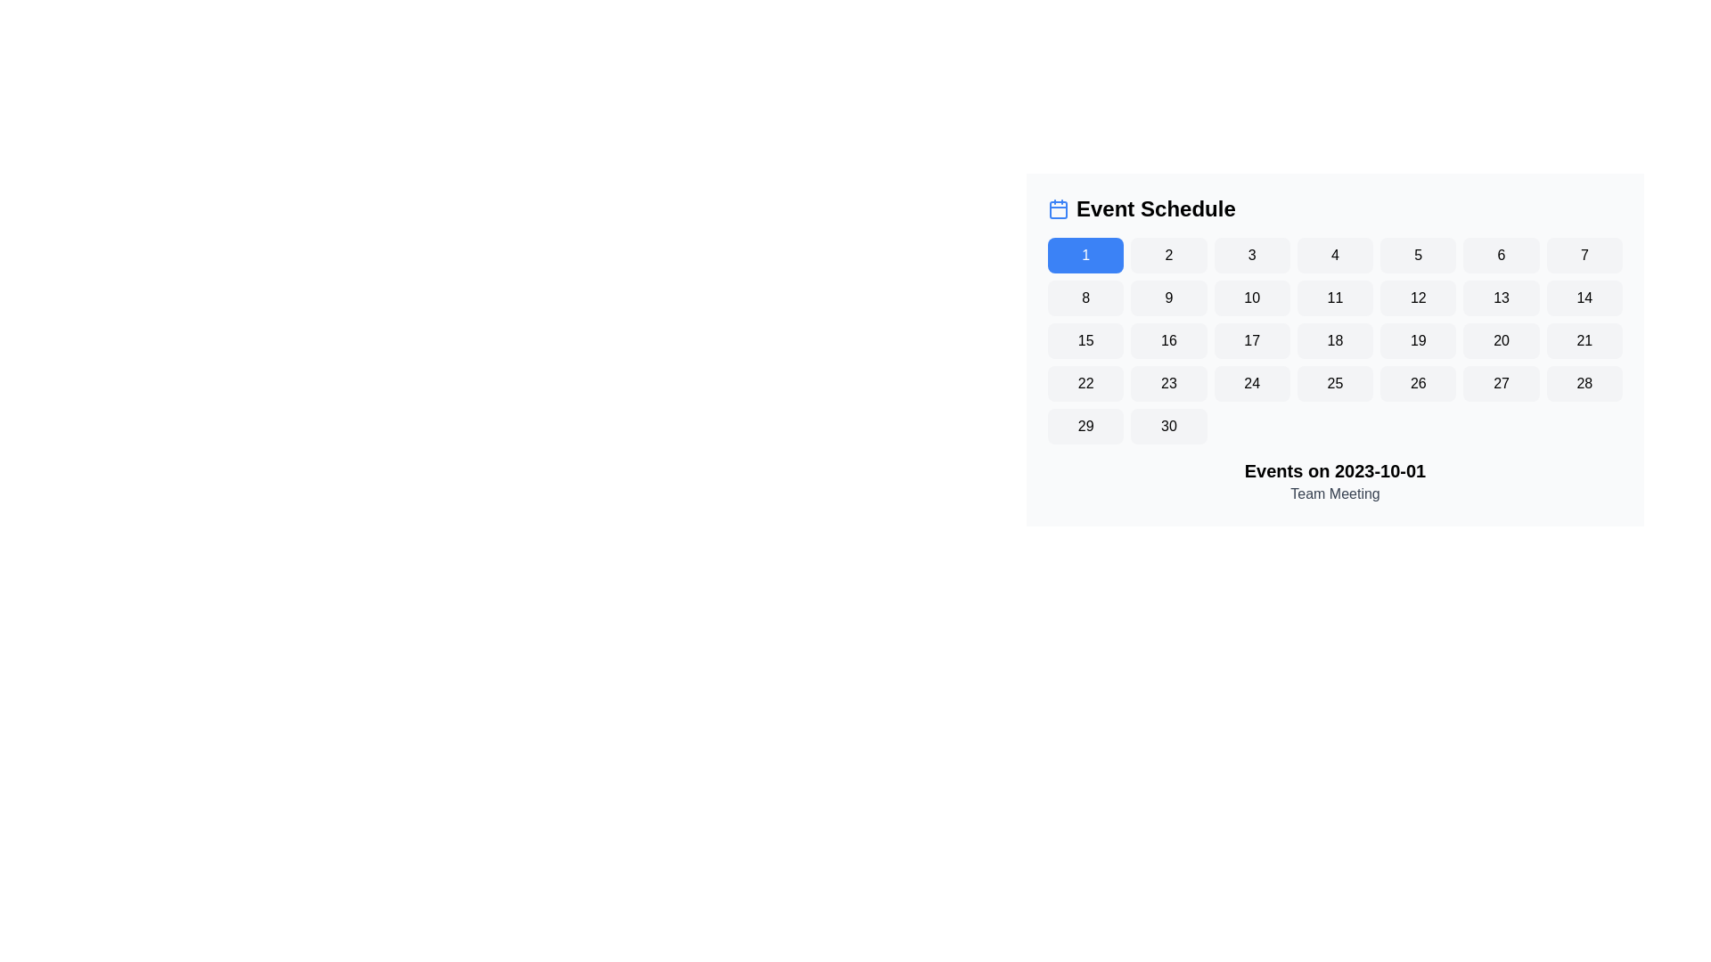 This screenshot has height=962, width=1711. Describe the element at coordinates (1584, 383) in the screenshot. I see `the calendar tile button displaying the number '28'` at that location.